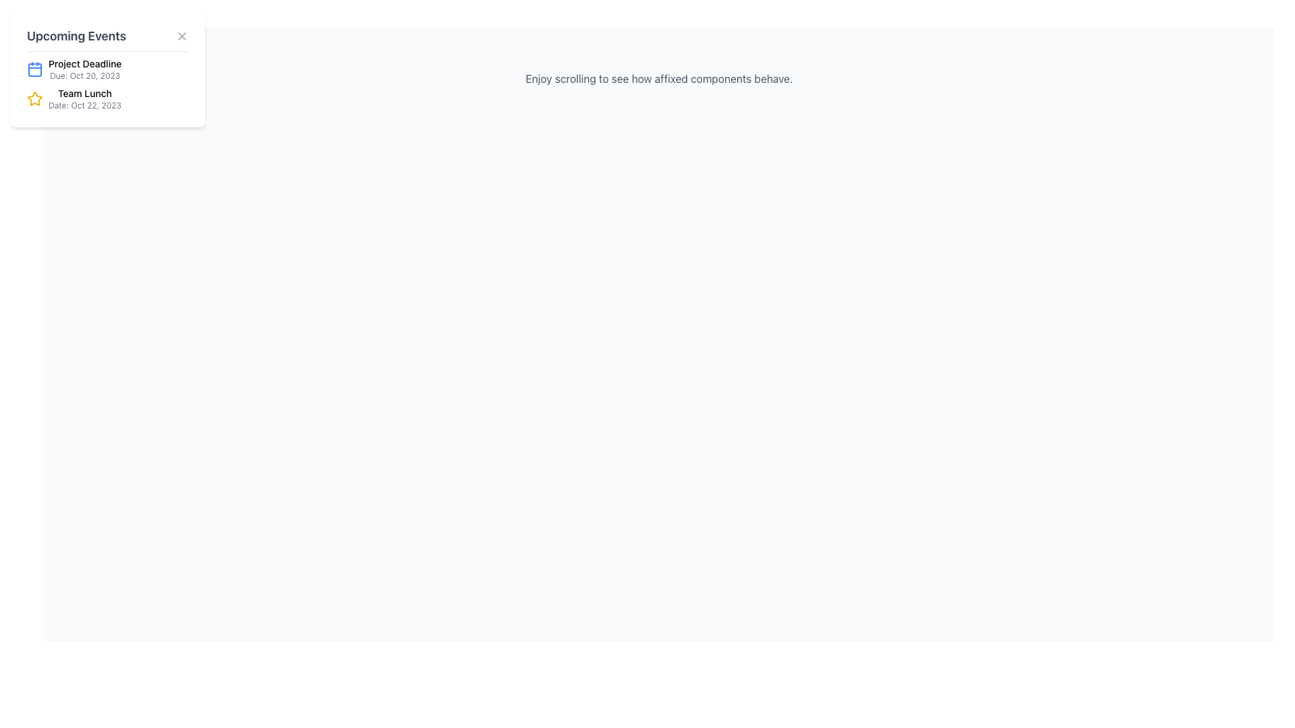  Describe the element at coordinates (84, 69) in the screenshot. I see `information displayed in the text label showing the event title 'Project Deadline' and its deadline date 'Due: Oct 20, 2023', located in the top section of the 'Upcoming Events' card` at that location.